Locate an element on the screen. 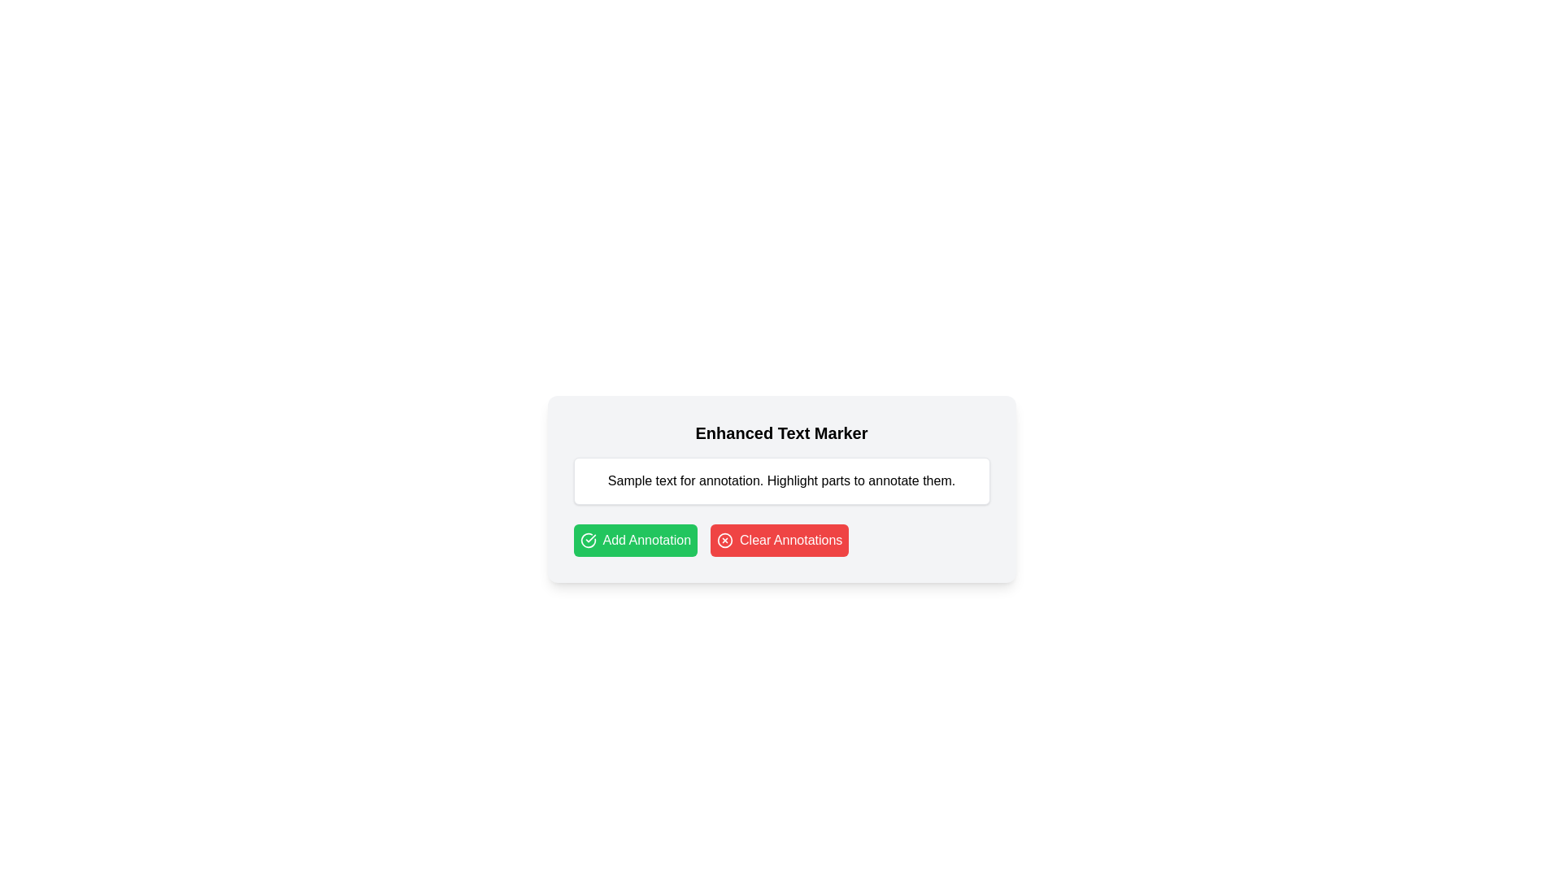 Image resolution: width=1561 pixels, height=878 pixels. the third character 'm' in the word 'Sample' within the informational text block that reads 'Sample text for annotation. Highlight parts to annotate them.' is located at coordinates (628, 480).